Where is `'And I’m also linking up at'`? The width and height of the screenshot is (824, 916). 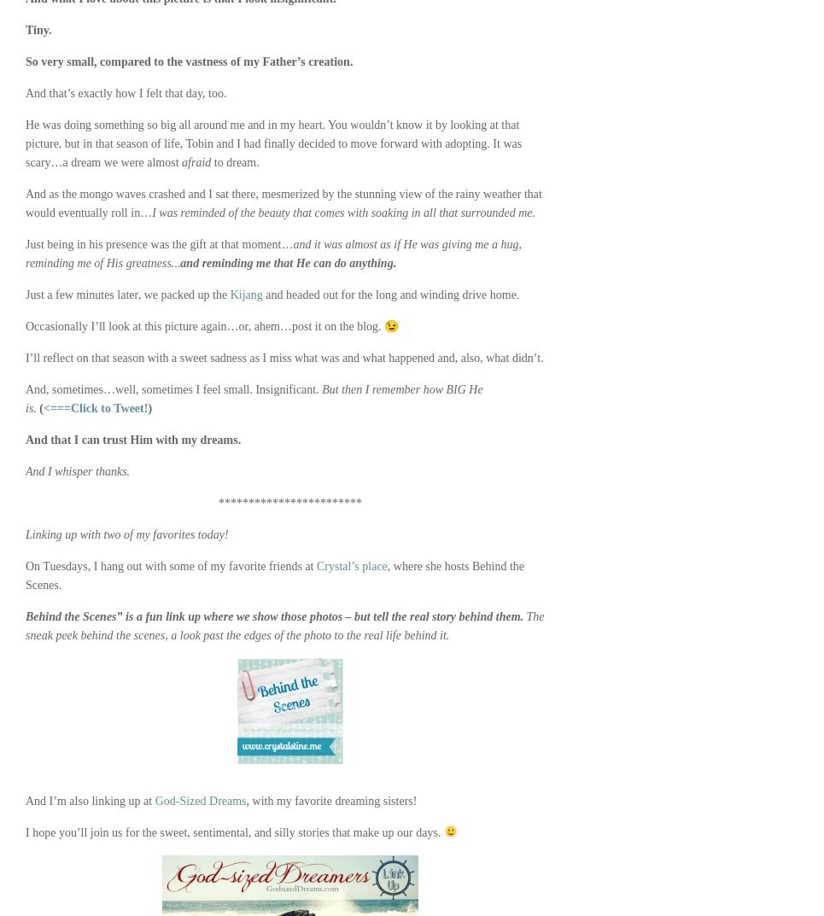 'And I’m also linking up at' is located at coordinates (89, 801).